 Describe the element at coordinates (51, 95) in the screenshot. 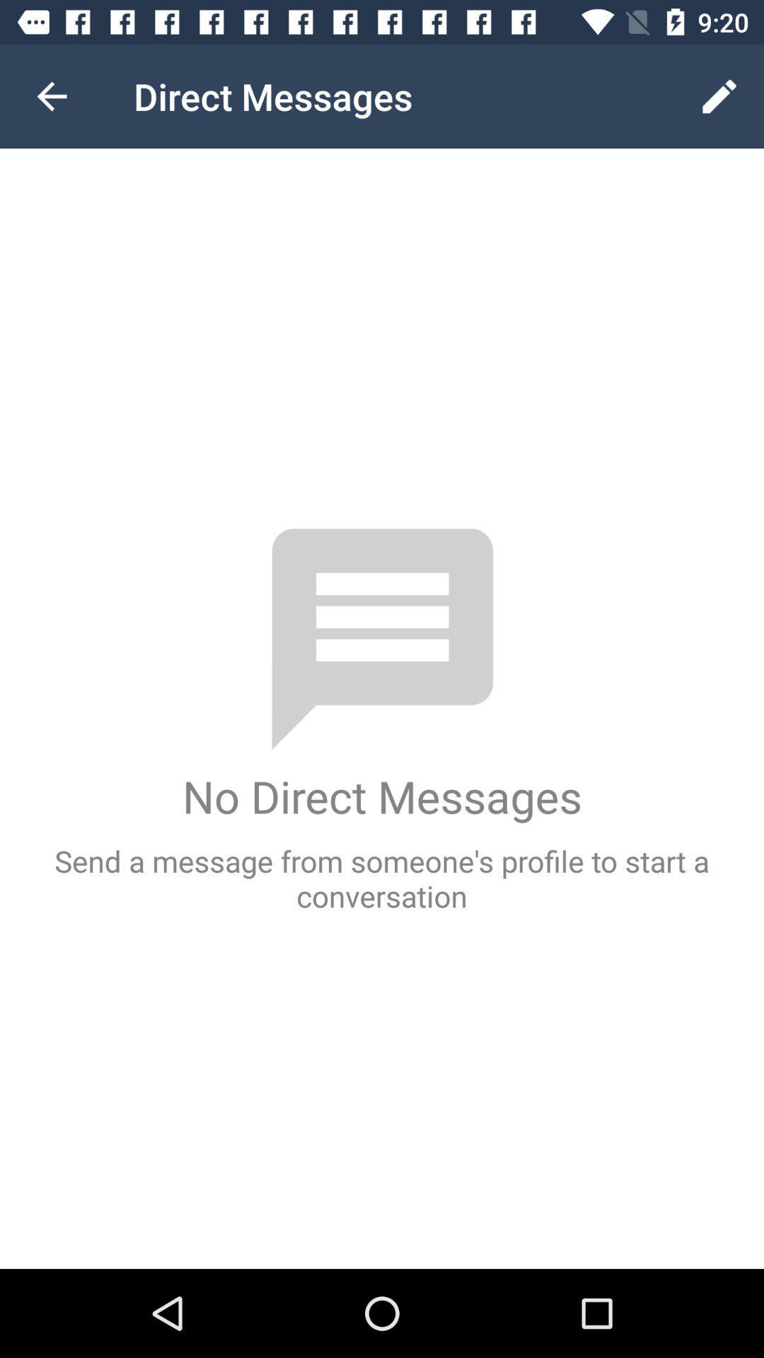

I see `the item next to the direct messages` at that location.